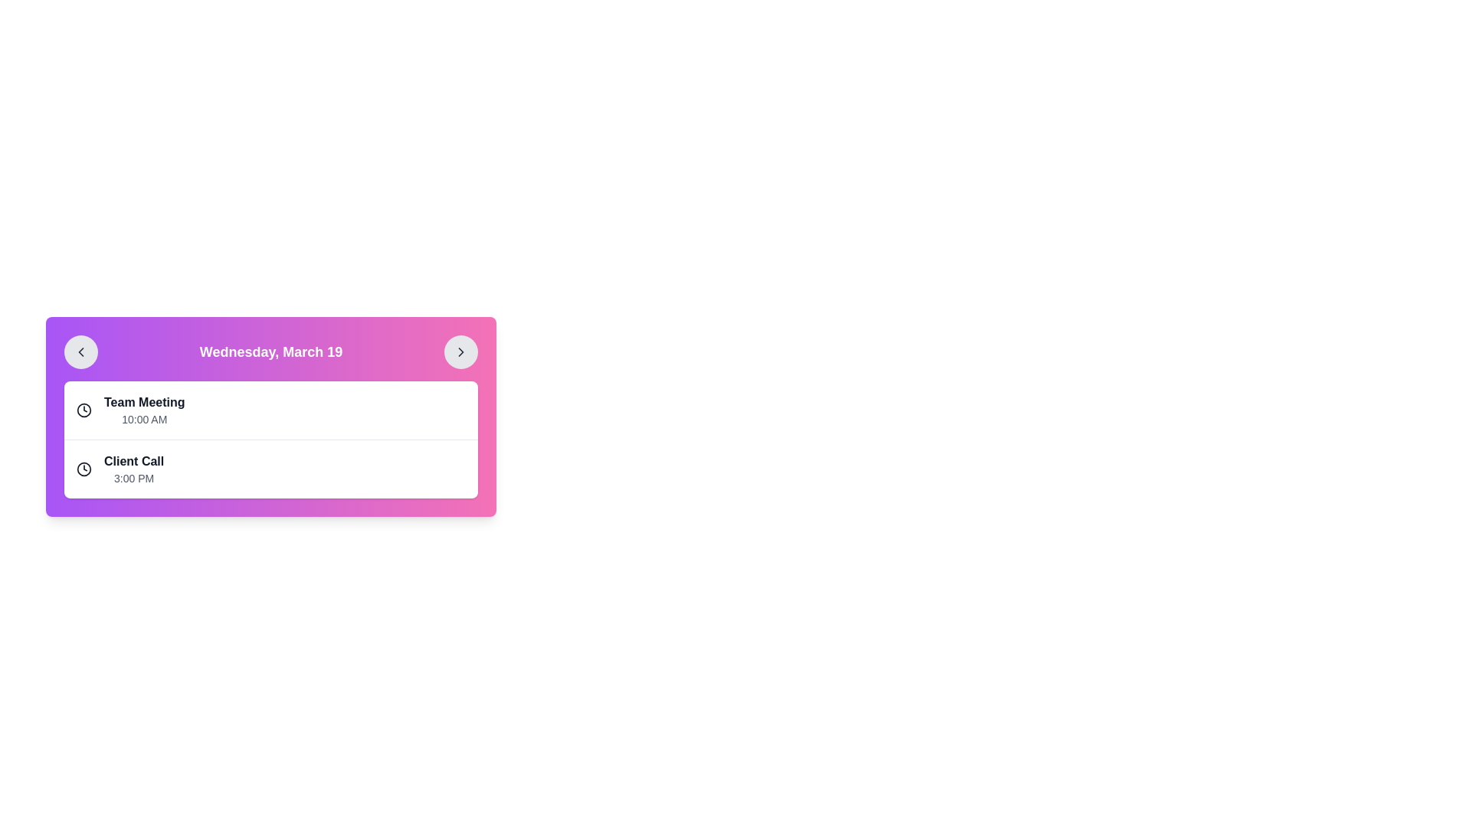 This screenshot has height=827, width=1471. I want to click on the text label displaying 'Client Call' in bold and '3:00 PM' in gray, which is the second item below the heading 'Wednesday, March 19', so click(134, 469).